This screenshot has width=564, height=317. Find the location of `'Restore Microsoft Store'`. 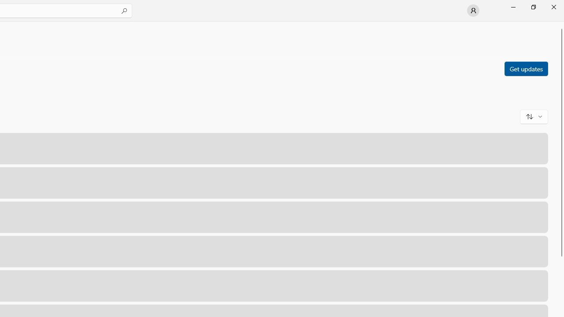

'Restore Microsoft Store' is located at coordinates (533, 7).